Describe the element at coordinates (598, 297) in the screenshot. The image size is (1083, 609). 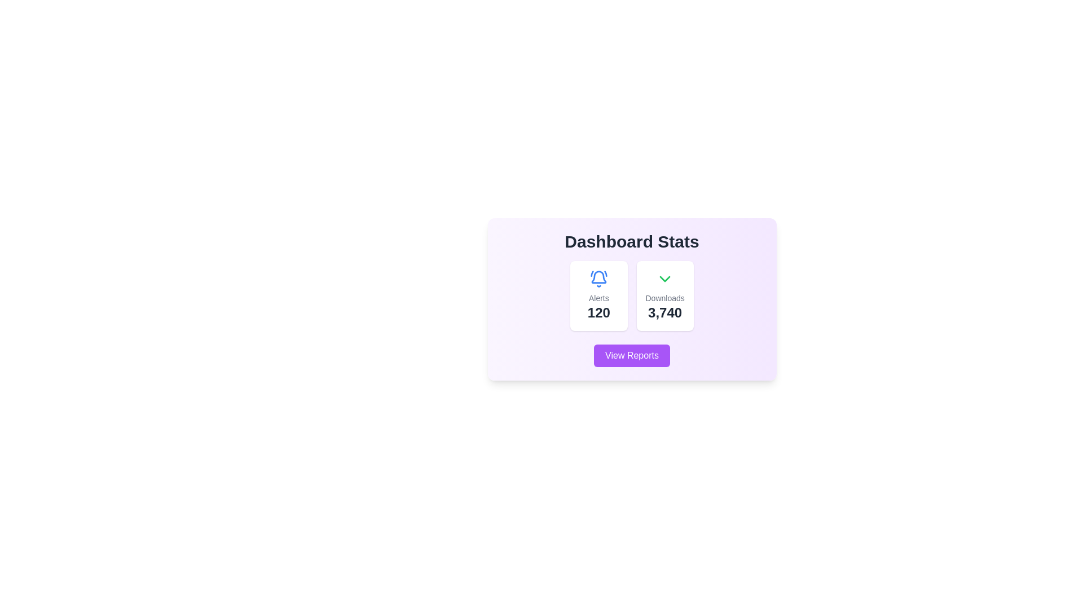
I see `the text label indicating the context of the 'Alerts' section, located below the bell icon and above the text '120' within the dashboard statistics section` at that location.